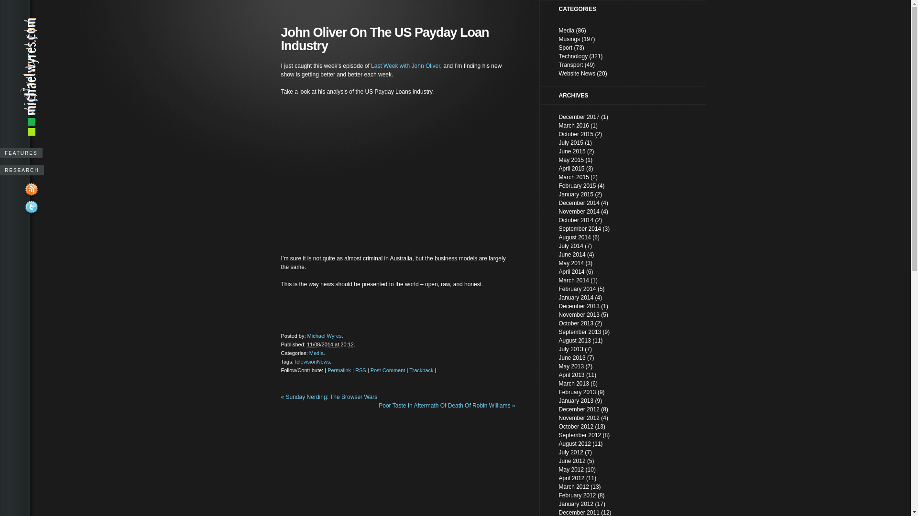 Image resolution: width=918 pixels, height=516 pixels. I want to click on 'Technology', so click(573, 56).